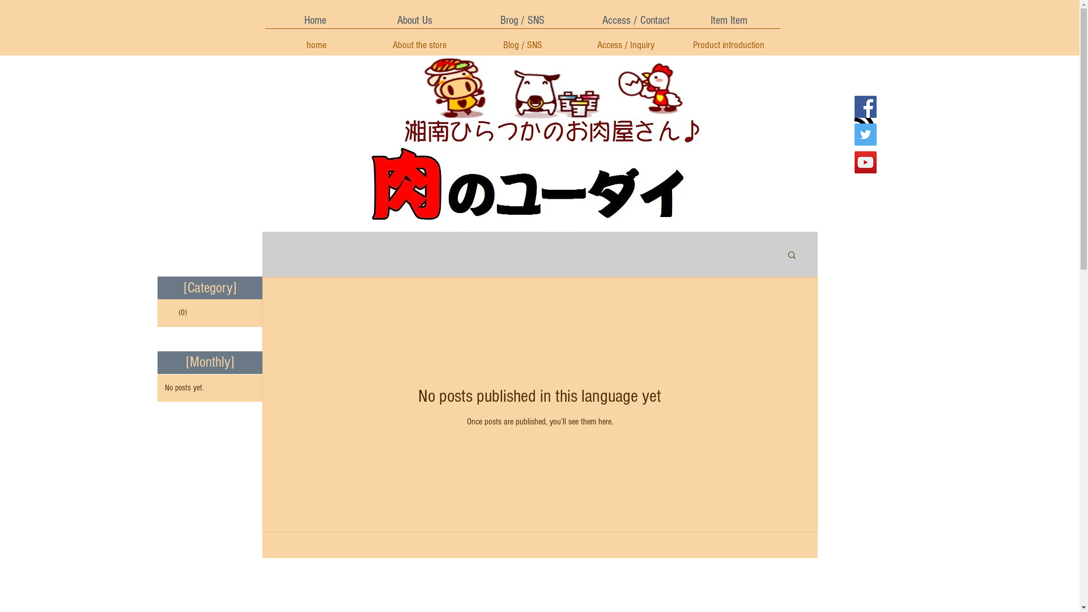  I want to click on 'Item Item', so click(729, 20).